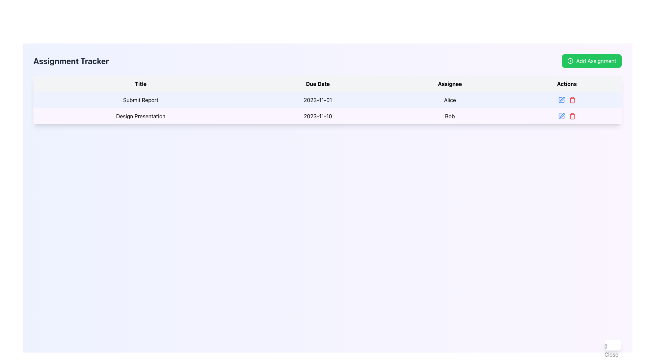 This screenshot has height=364, width=648. Describe the element at coordinates (611, 350) in the screenshot. I see `the close button located in the bottom-right corner of the notification box` at that location.